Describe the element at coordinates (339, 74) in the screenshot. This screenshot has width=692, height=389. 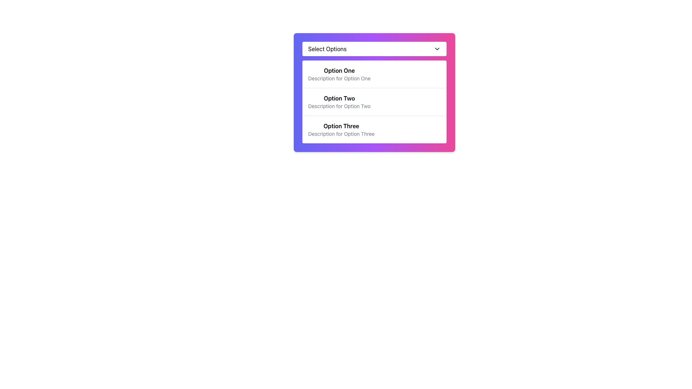
I see `the dropdown menu item titled 'Option One'` at that location.